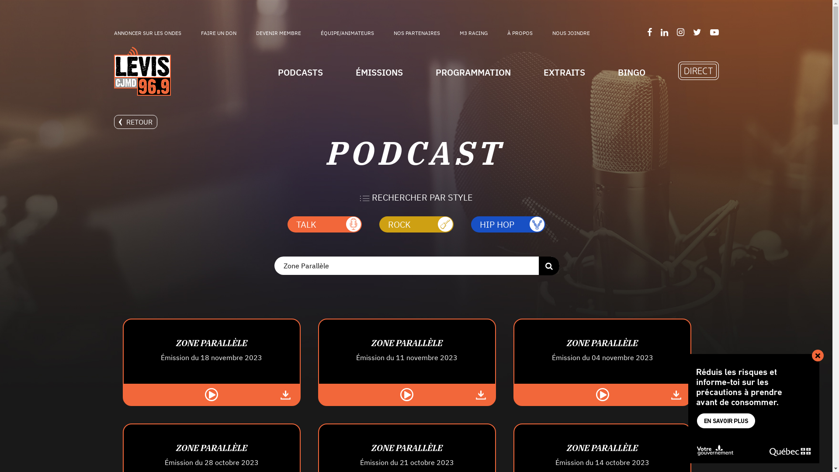 The image size is (839, 472). Describe the element at coordinates (617, 72) in the screenshot. I see `'BINGO'` at that location.